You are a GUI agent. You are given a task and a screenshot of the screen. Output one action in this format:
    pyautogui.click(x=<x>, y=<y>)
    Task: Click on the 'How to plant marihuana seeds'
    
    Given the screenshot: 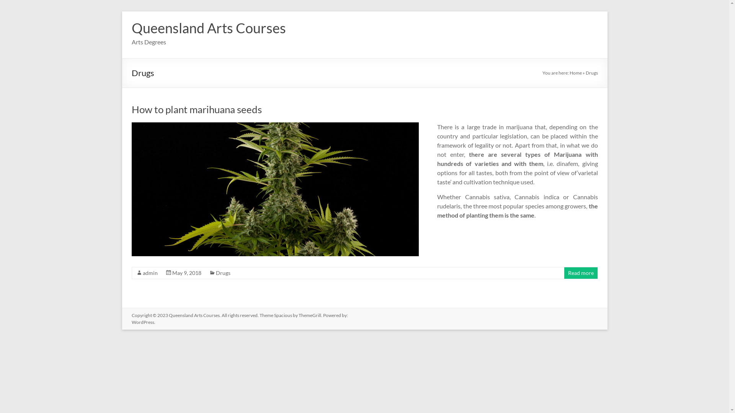 What is the action you would take?
    pyautogui.click(x=132, y=125)
    